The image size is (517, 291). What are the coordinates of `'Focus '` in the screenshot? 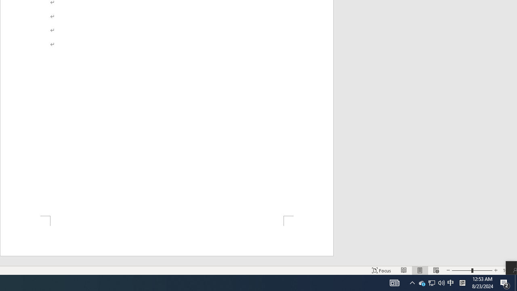 It's located at (381, 270).